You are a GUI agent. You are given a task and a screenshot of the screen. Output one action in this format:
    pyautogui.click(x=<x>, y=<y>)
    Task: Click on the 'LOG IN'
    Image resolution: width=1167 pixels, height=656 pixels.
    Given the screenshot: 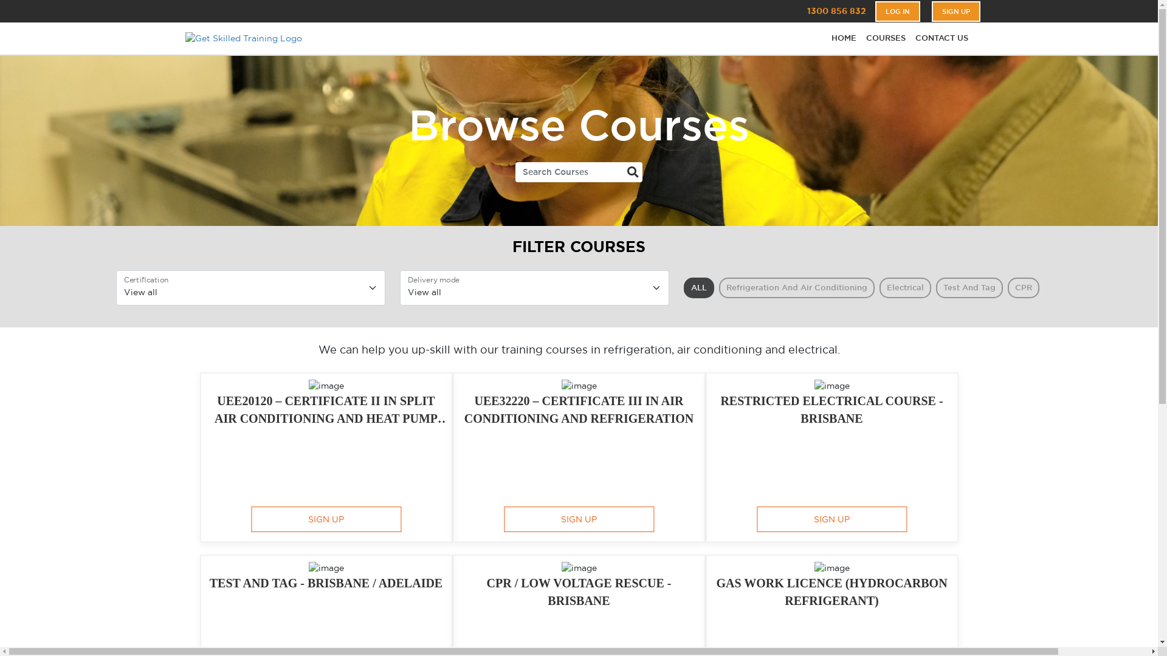 What is the action you would take?
    pyautogui.click(x=875, y=12)
    